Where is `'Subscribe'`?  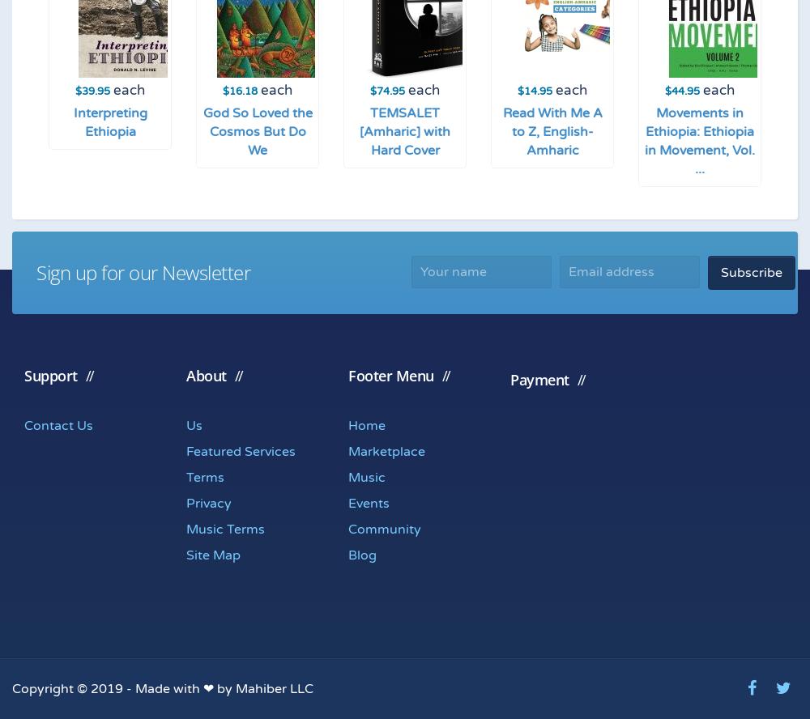
'Subscribe' is located at coordinates (751, 272).